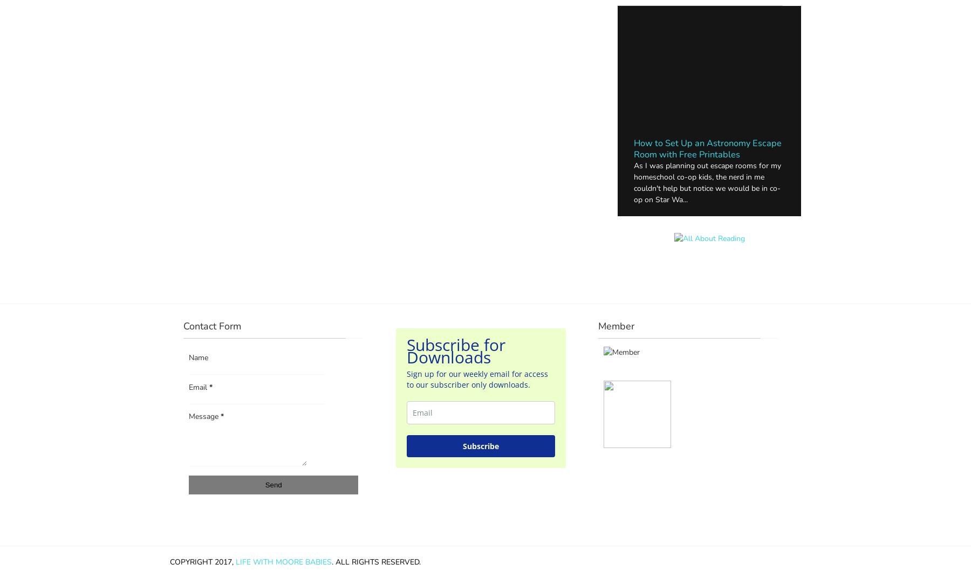 This screenshot has width=971, height=578. I want to click on 'Subscribe for Downloads', so click(406, 350).